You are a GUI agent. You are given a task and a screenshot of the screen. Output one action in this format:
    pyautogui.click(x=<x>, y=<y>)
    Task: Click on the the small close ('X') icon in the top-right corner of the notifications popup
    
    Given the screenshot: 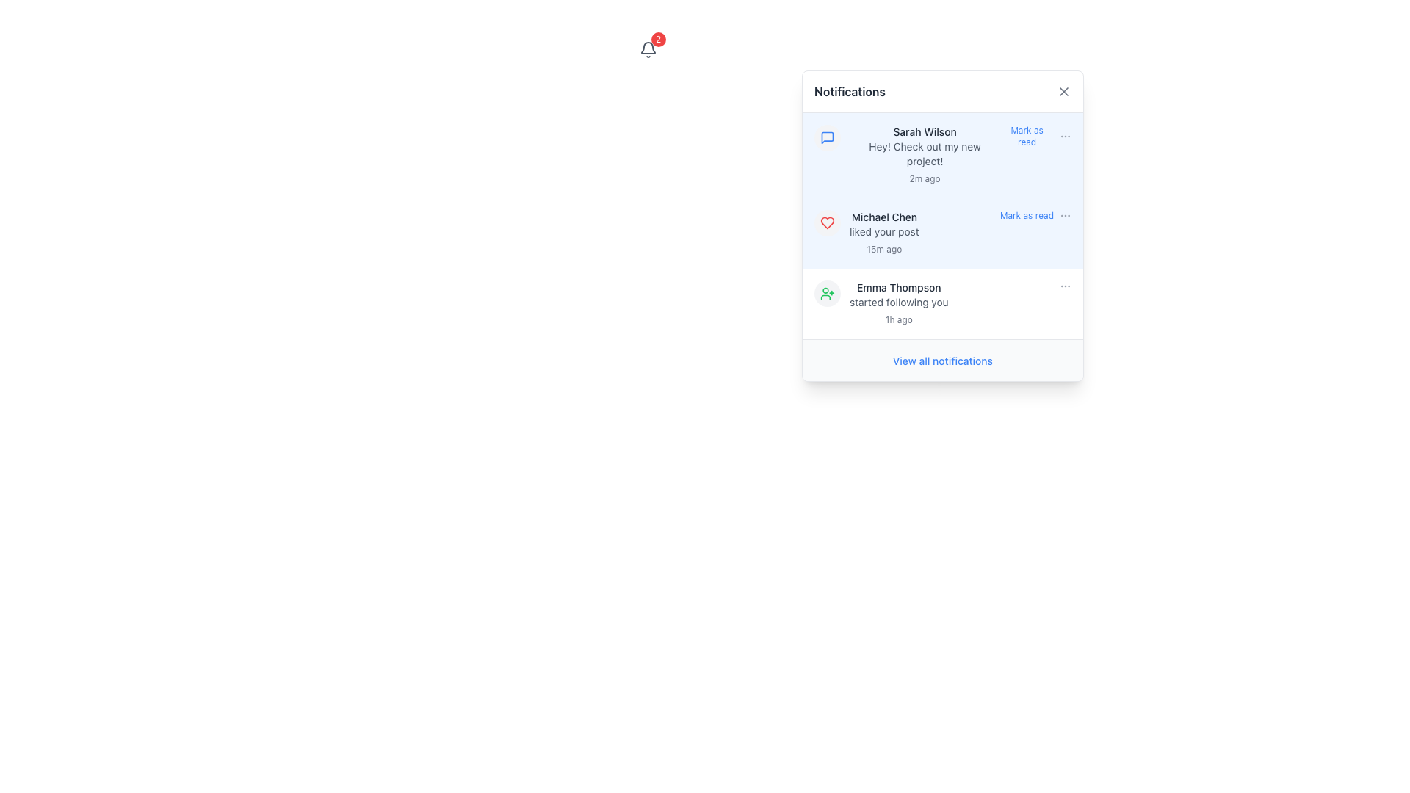 What is the action you would take?
    pyautogui.click(x=1064, y=91)
    